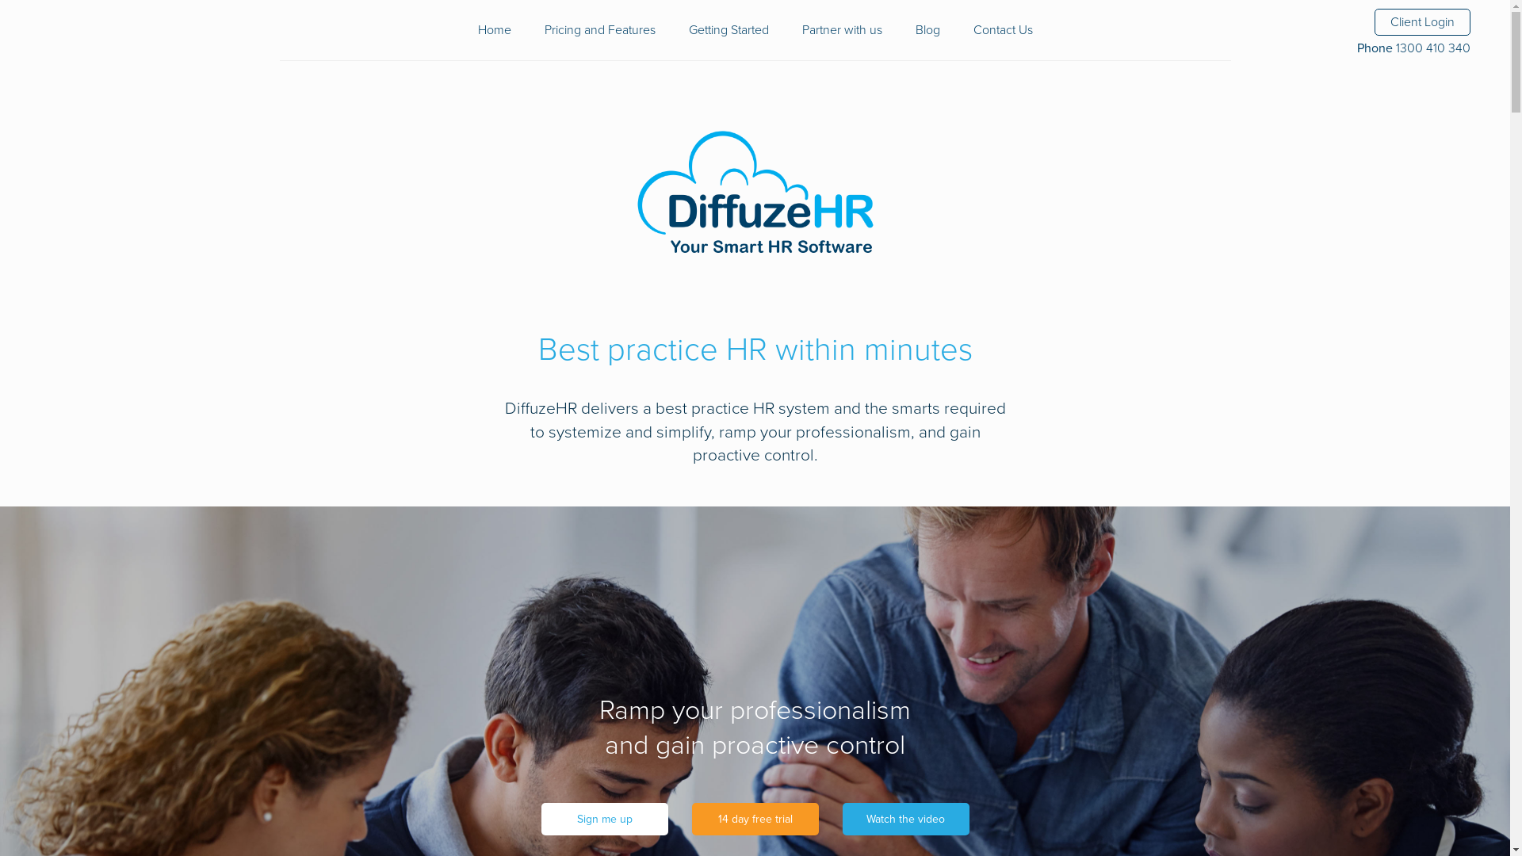  Describe the element at coordinates (493, 30) in the screenshot. I see `'Home'` at that location.